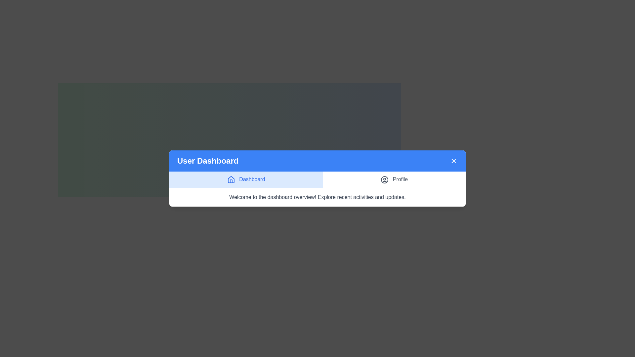 The image size is (635, 357). What do you see at coordinates (394, 179) in the screenshot?
I see `the navigation button that leads to the profile section of the application` at bounding box center [394, 179].